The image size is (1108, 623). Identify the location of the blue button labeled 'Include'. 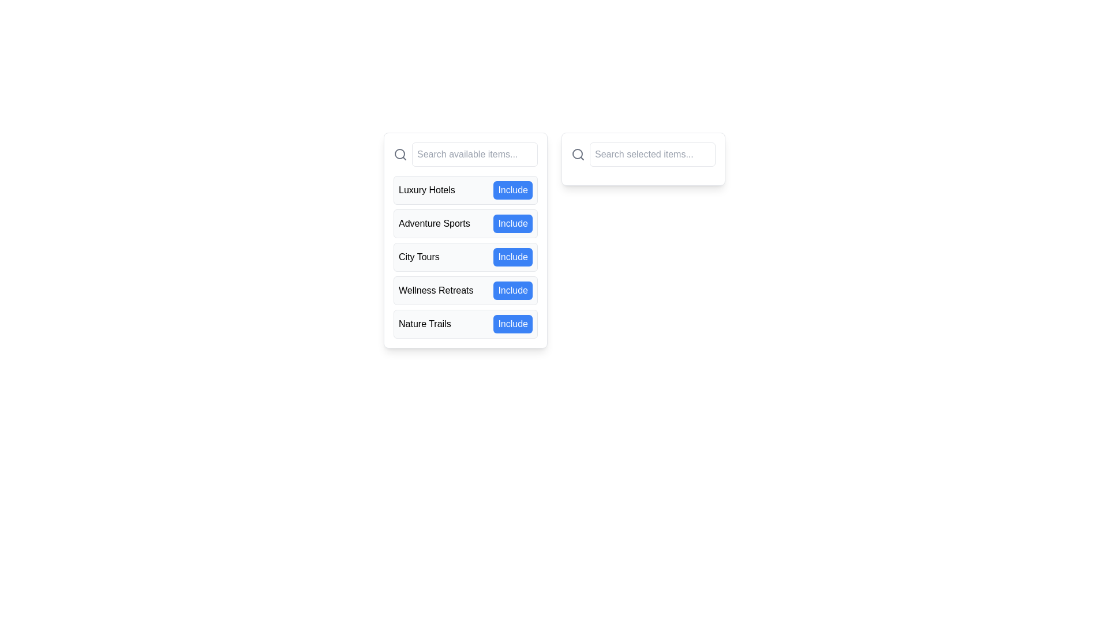
(512, 257).